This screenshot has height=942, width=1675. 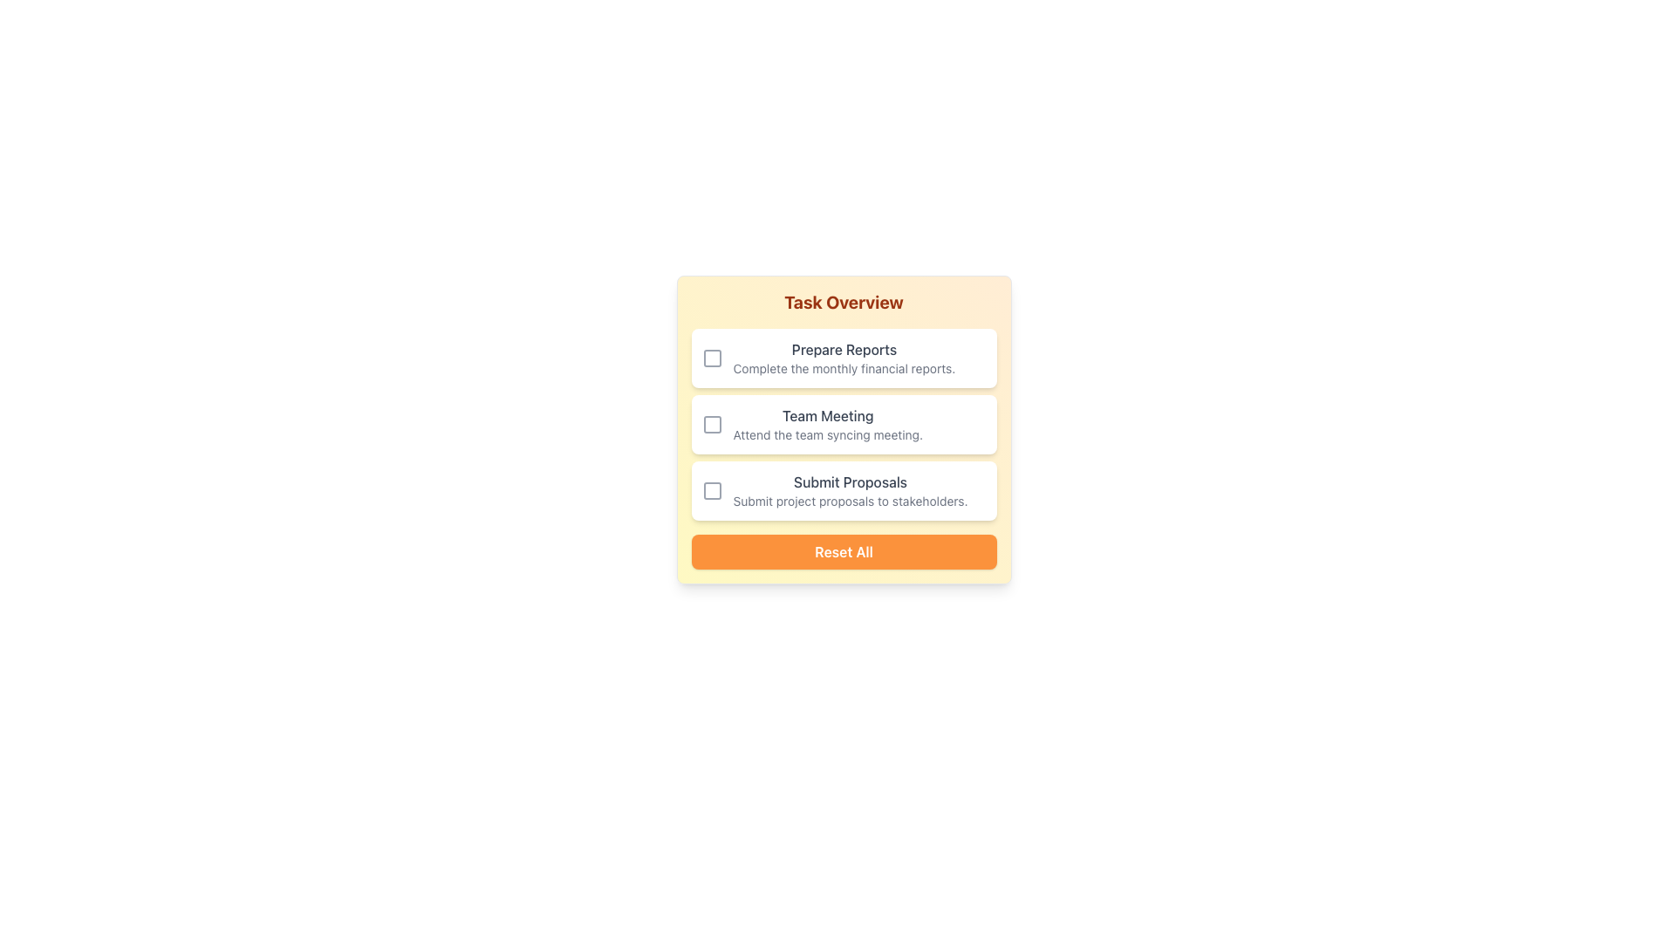 I want to click on the static text that provides clarification about the 'Team Meeting' task, located directly below the heading in a vertically stacked arrangement, so click(x=827, y=433).